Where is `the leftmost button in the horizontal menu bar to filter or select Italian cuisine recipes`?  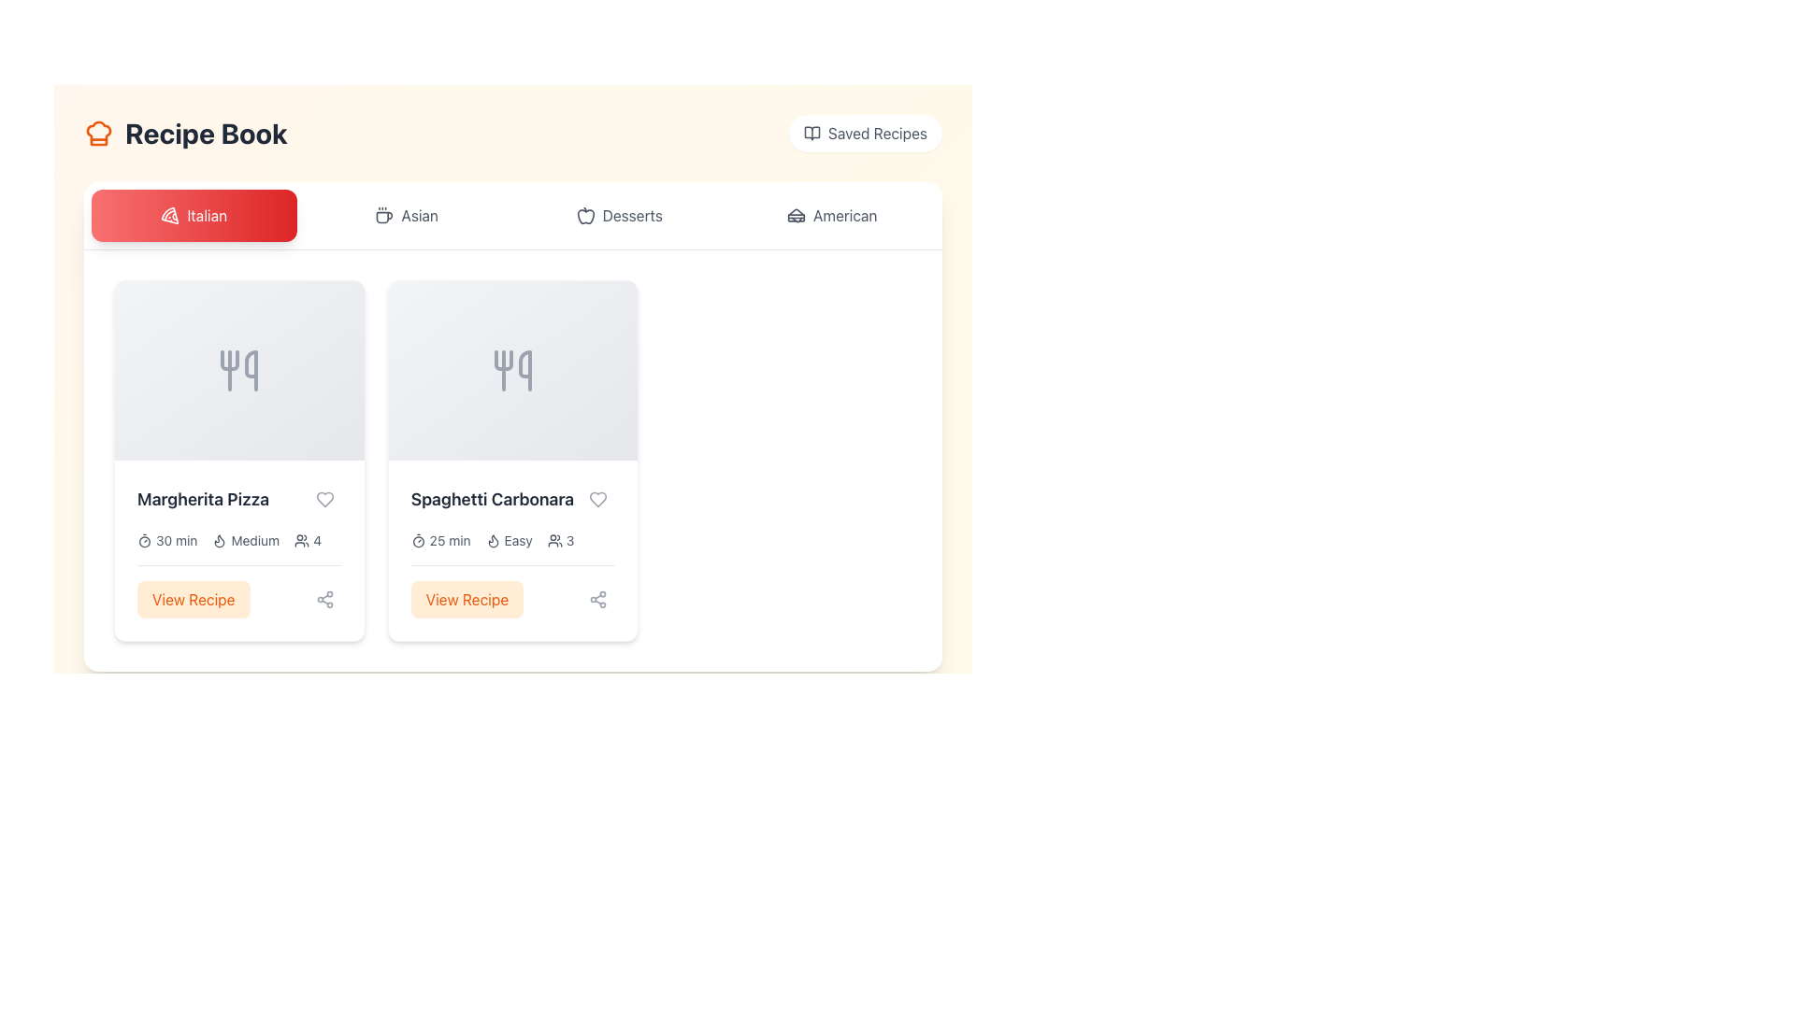 the leftmost button in the horizontal menu bar to filter or select Italian cuisine recipes is located at coordinates (194, 215).